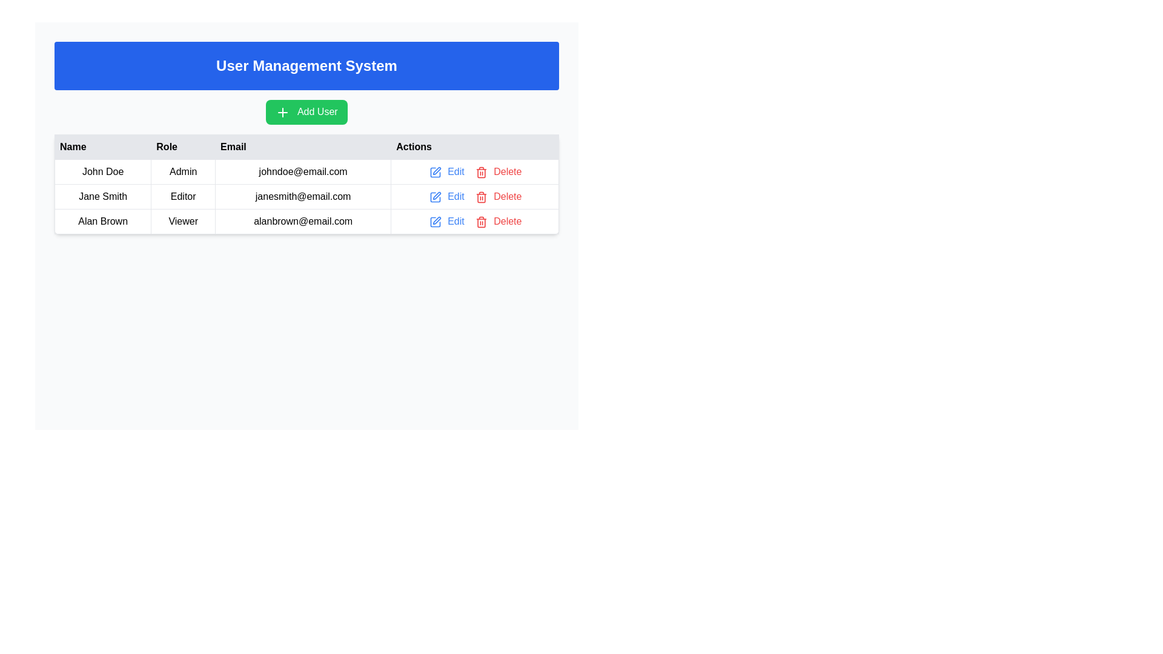  Describe the element at coordinates (306, 221) in the screenshot. I see `the table row displaying user information for 'Alan Brown' in the User Management System table, which is the third row below 'John Doe' and 'Jane Smith'` at that location.